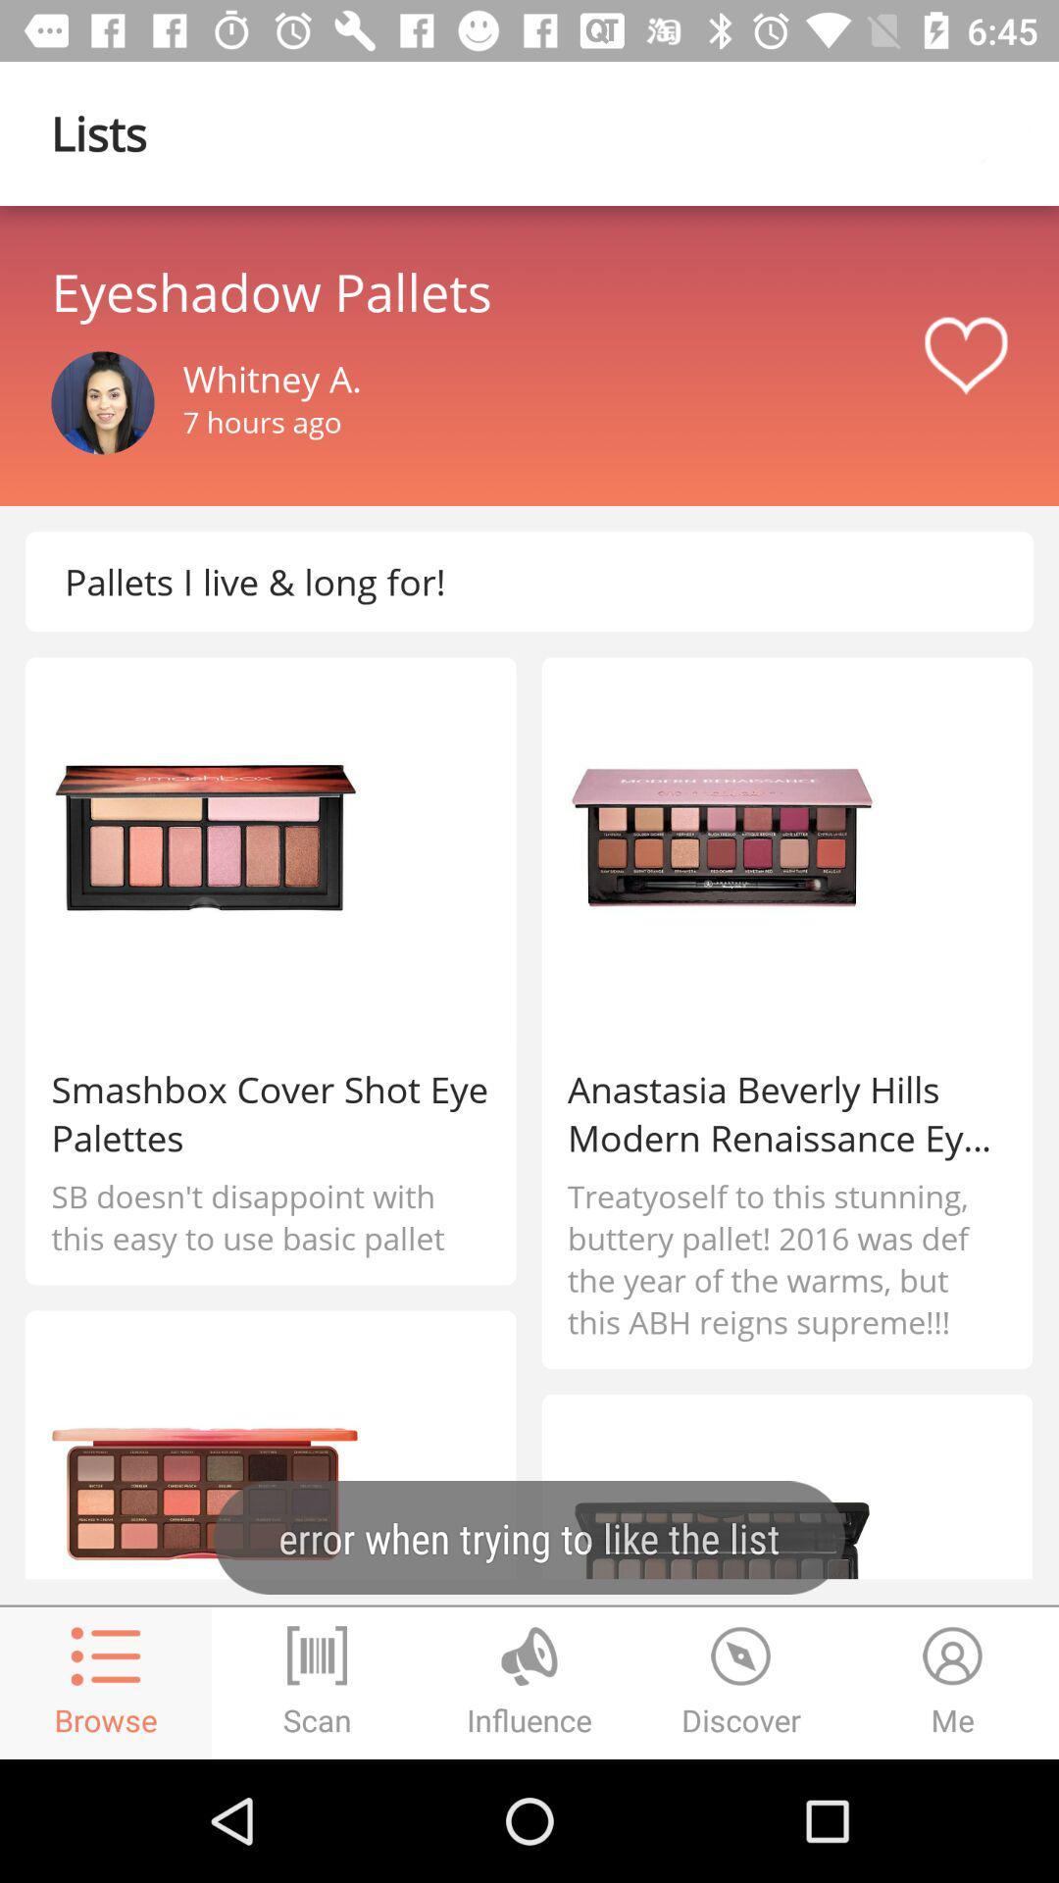 Image resolution: width=1059 pixels, height=1883 pixels. What do you see at coordinates (965, 356) in the screenshot?
I see `the favorite icon` at bounding box center [965, 356].